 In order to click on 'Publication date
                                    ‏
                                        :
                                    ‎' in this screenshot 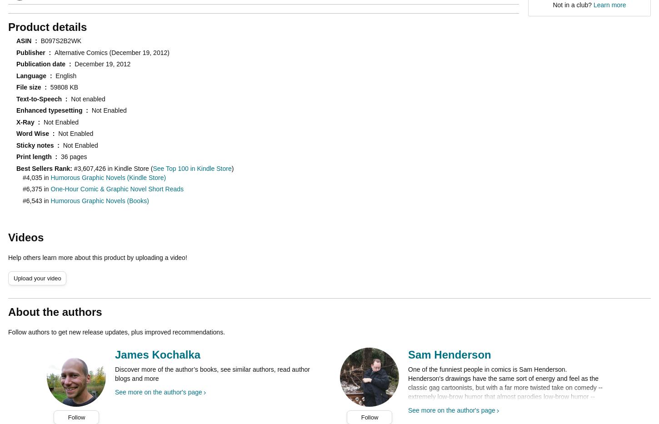, I will do `click(45, 63)`.